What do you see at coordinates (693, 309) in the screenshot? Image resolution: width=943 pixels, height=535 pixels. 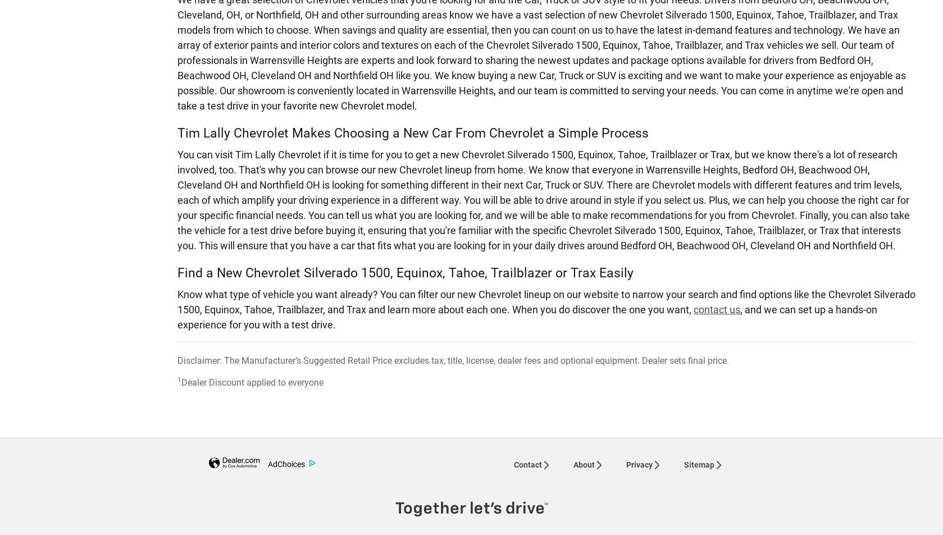 I see `'contact us'` at bounding box center [693, 309].